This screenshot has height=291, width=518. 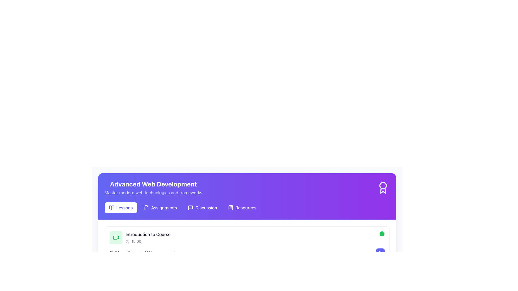 What do you see at coordinates (190, 207) in the screenshot?
I see `the messaging icon located in the purple header section, positioned to the right of 'Lessons,' 'Assignments,' and 'Discussion'` at bounding box center [190, 207].